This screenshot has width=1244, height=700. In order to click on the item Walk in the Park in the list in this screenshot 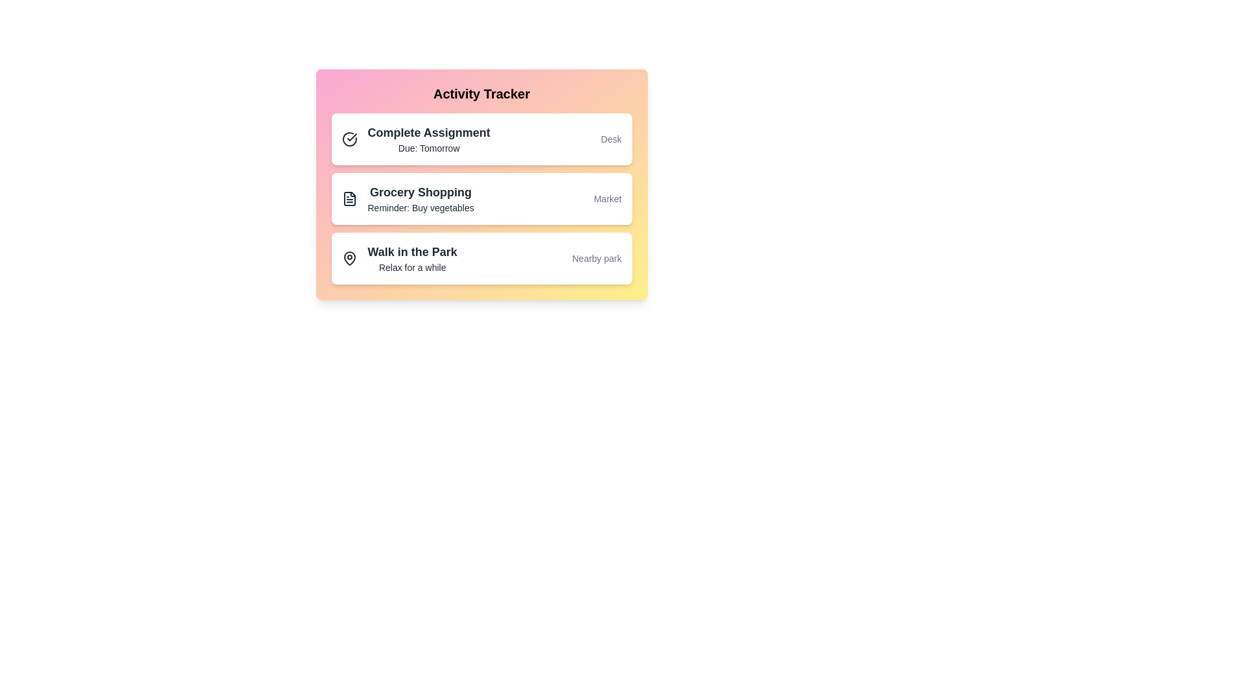, I will do `click(481, 258)`.